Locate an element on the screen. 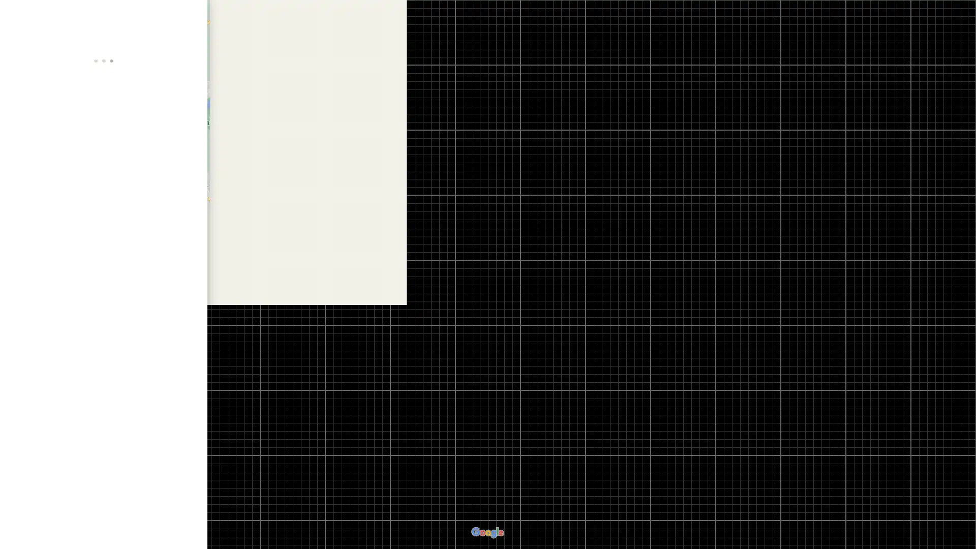 This screenshot has height=549, width=976. Copy address is located at coordinates (190, 247).